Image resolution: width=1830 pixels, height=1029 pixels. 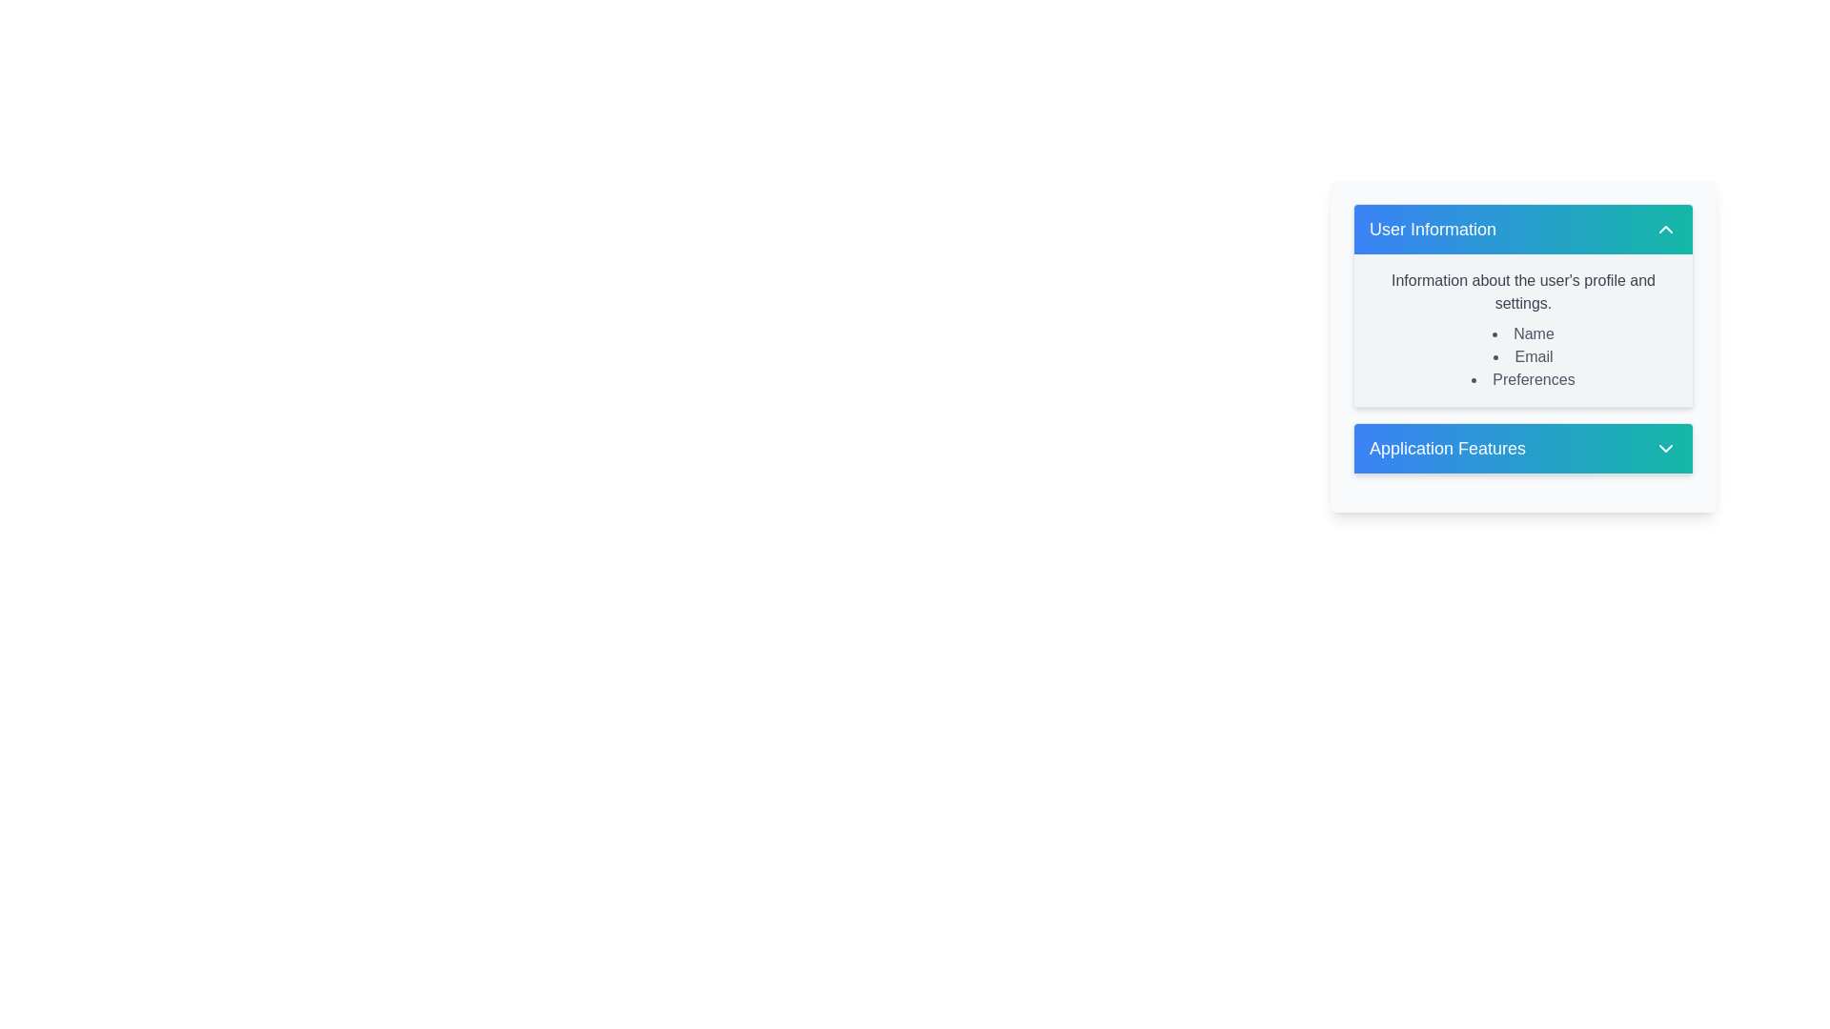 What do you see at coordinates (1433, 228) in the screenshot?
I see `the content associated with the 'User Information' label displayed in bold white font at the top of the section card header` at bounding box center [1433, 228].